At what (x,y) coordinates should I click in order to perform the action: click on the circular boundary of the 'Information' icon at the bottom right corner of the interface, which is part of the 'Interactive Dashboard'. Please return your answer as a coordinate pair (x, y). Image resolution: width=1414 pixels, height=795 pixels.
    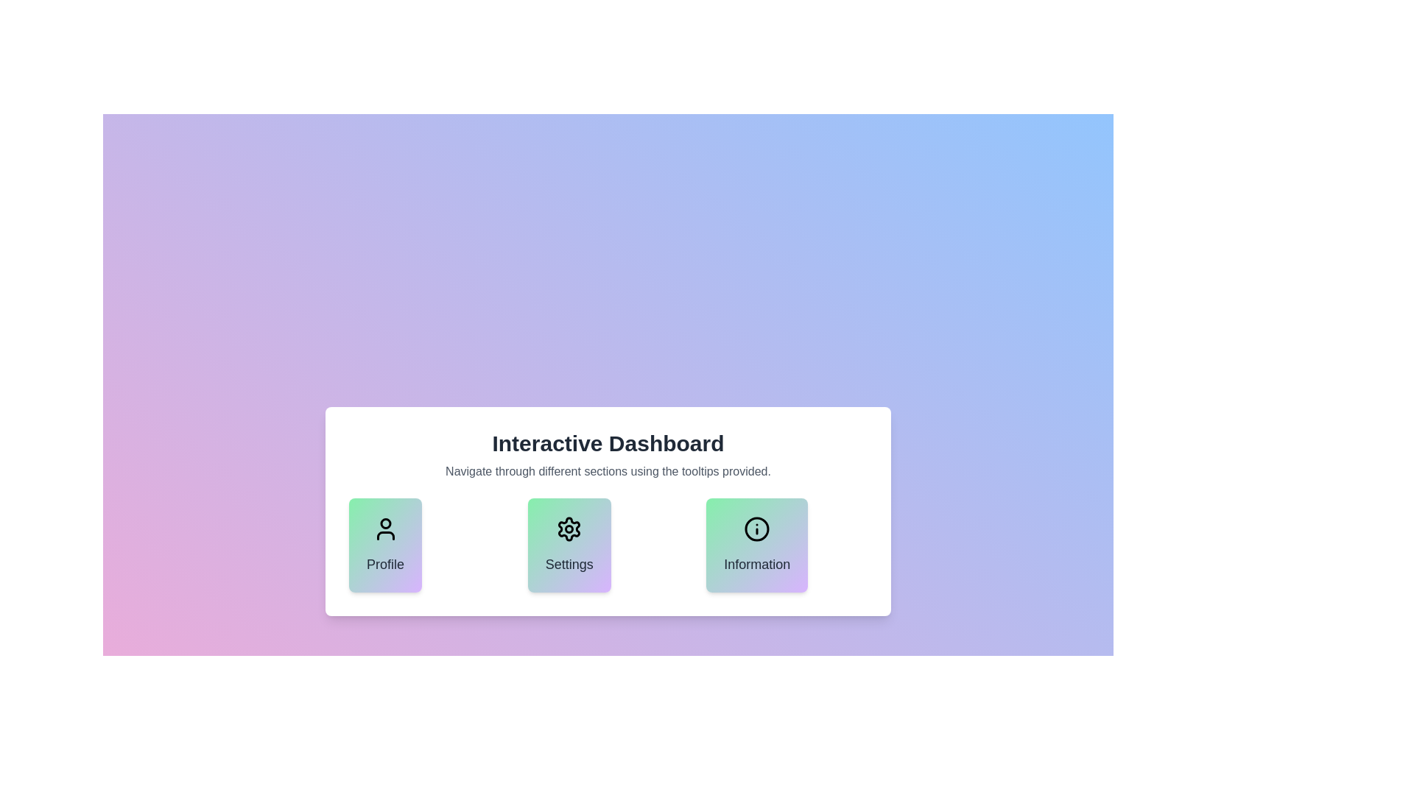
    Looking at the image, I should click on (757, 528).